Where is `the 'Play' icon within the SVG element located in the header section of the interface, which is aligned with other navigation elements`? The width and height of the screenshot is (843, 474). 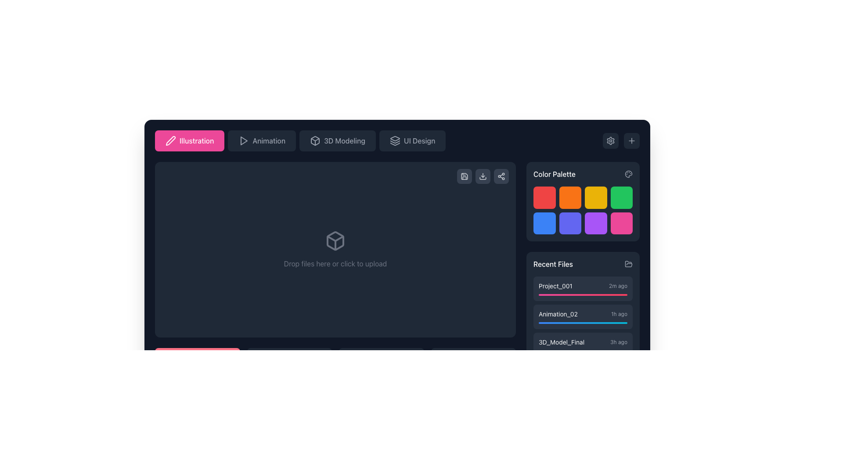 the 'Play' icon within the SVG element located in the header section of the interface, which is aligned with other navigation elements is located at coordinates (244, 140).